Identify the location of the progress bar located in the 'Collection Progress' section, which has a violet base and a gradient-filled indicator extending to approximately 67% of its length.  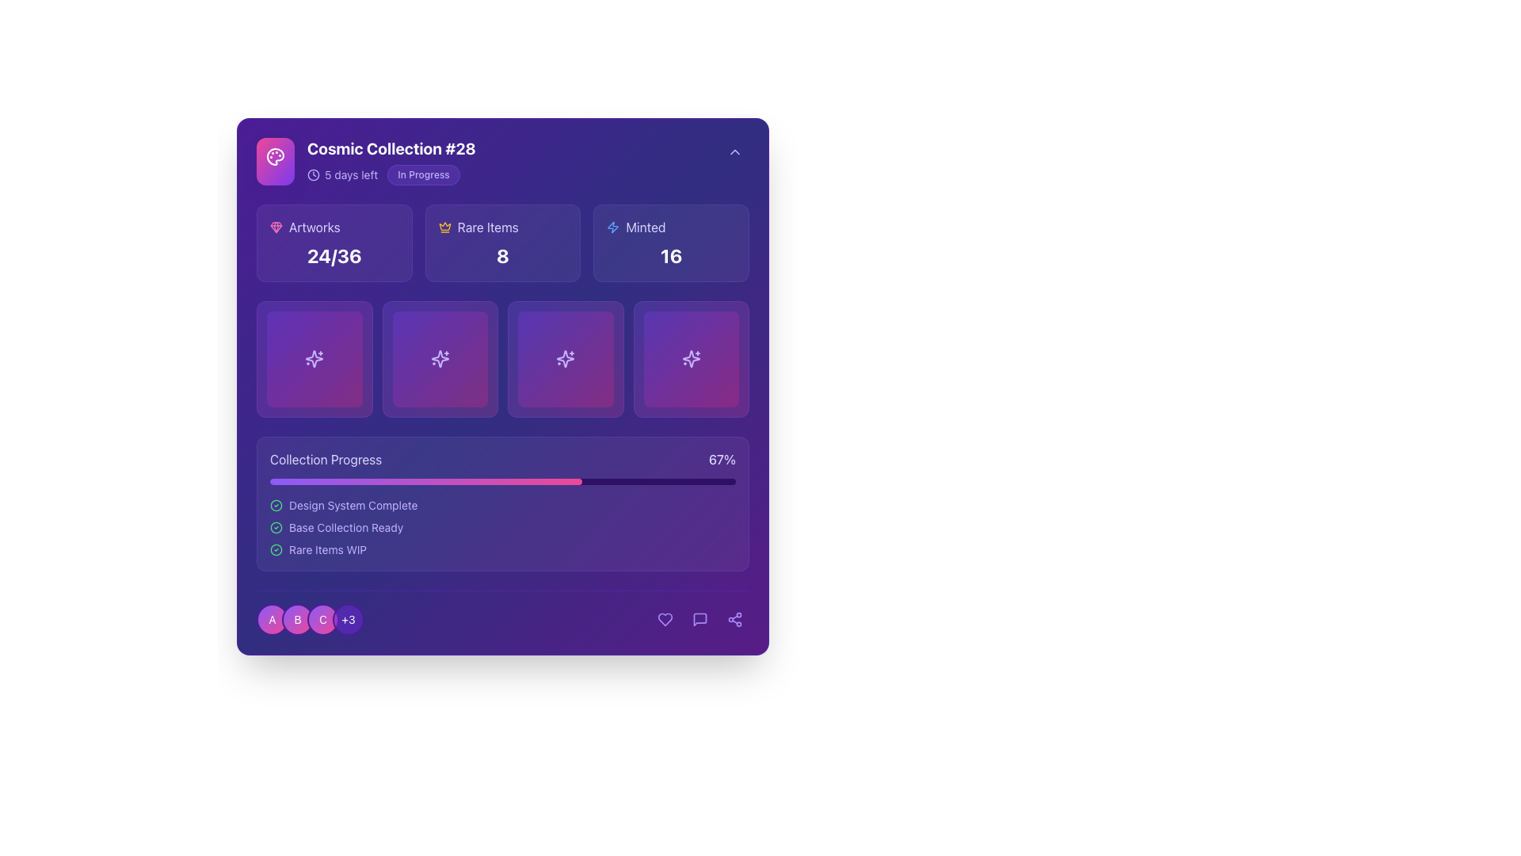
(501, 480).